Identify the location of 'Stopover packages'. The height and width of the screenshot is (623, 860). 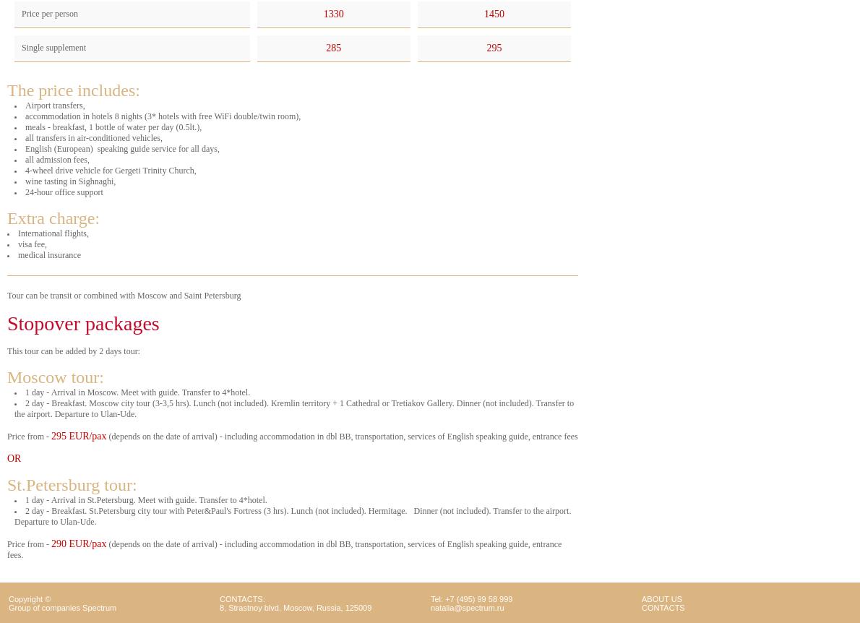
(82, 323).